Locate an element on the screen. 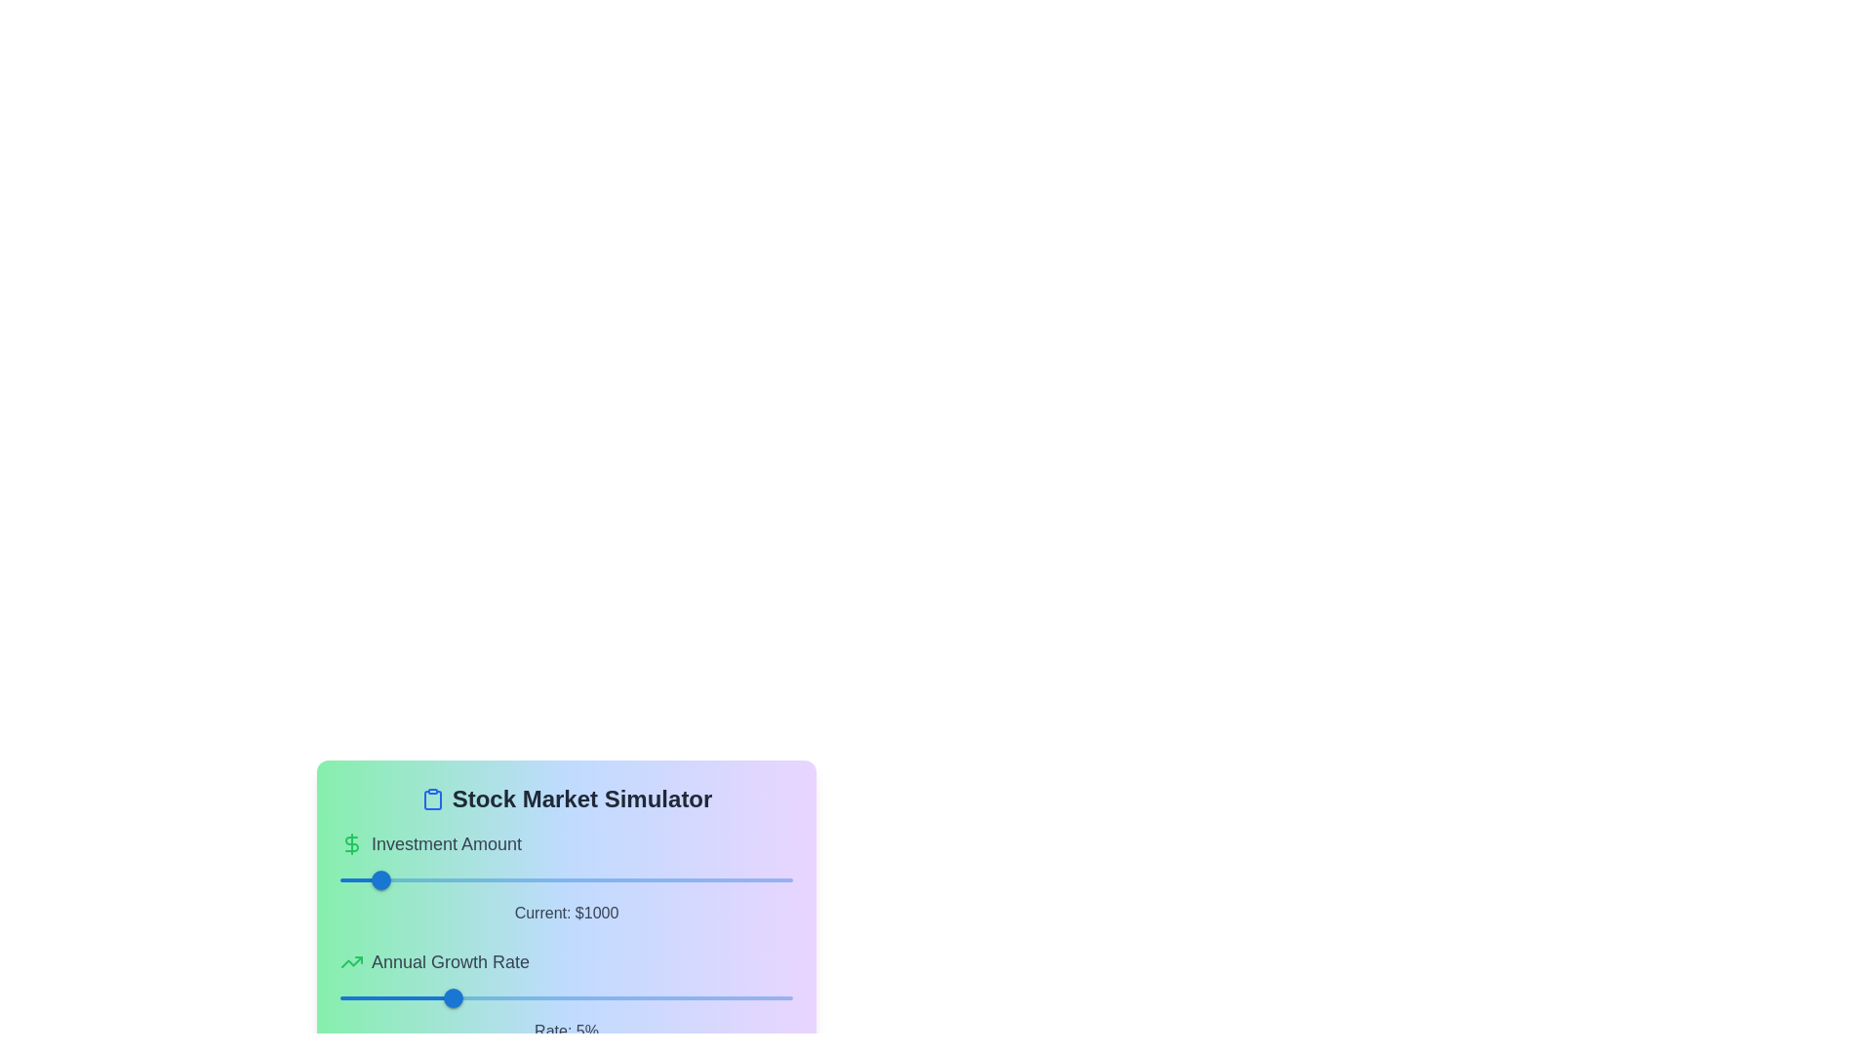 The height and width of the screenshot is (1053, 1873). the annual growth rate is located at coordinates (679, 997).